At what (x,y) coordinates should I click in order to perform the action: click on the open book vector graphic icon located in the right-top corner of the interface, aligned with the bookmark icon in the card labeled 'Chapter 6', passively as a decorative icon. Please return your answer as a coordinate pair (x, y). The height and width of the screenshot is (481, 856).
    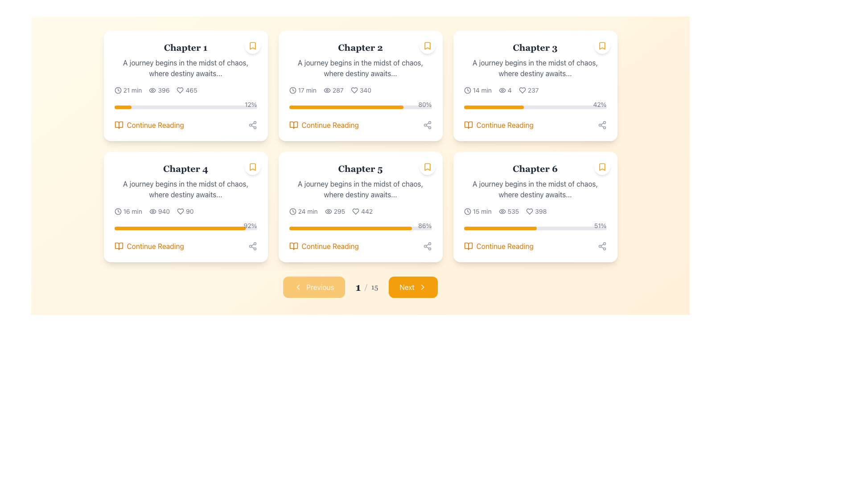
    Looking at the image, I should click on (468, 246).